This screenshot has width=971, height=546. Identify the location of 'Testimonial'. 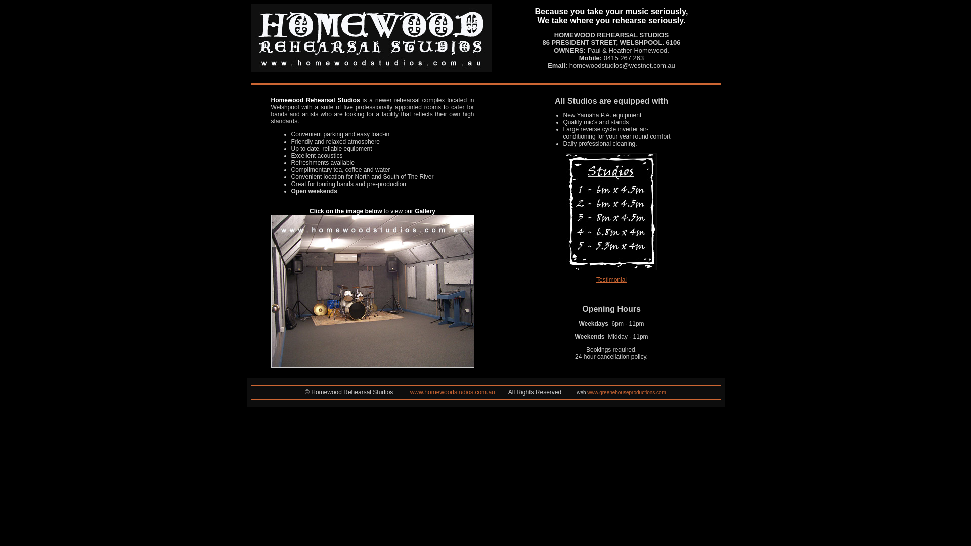
(596, 279).